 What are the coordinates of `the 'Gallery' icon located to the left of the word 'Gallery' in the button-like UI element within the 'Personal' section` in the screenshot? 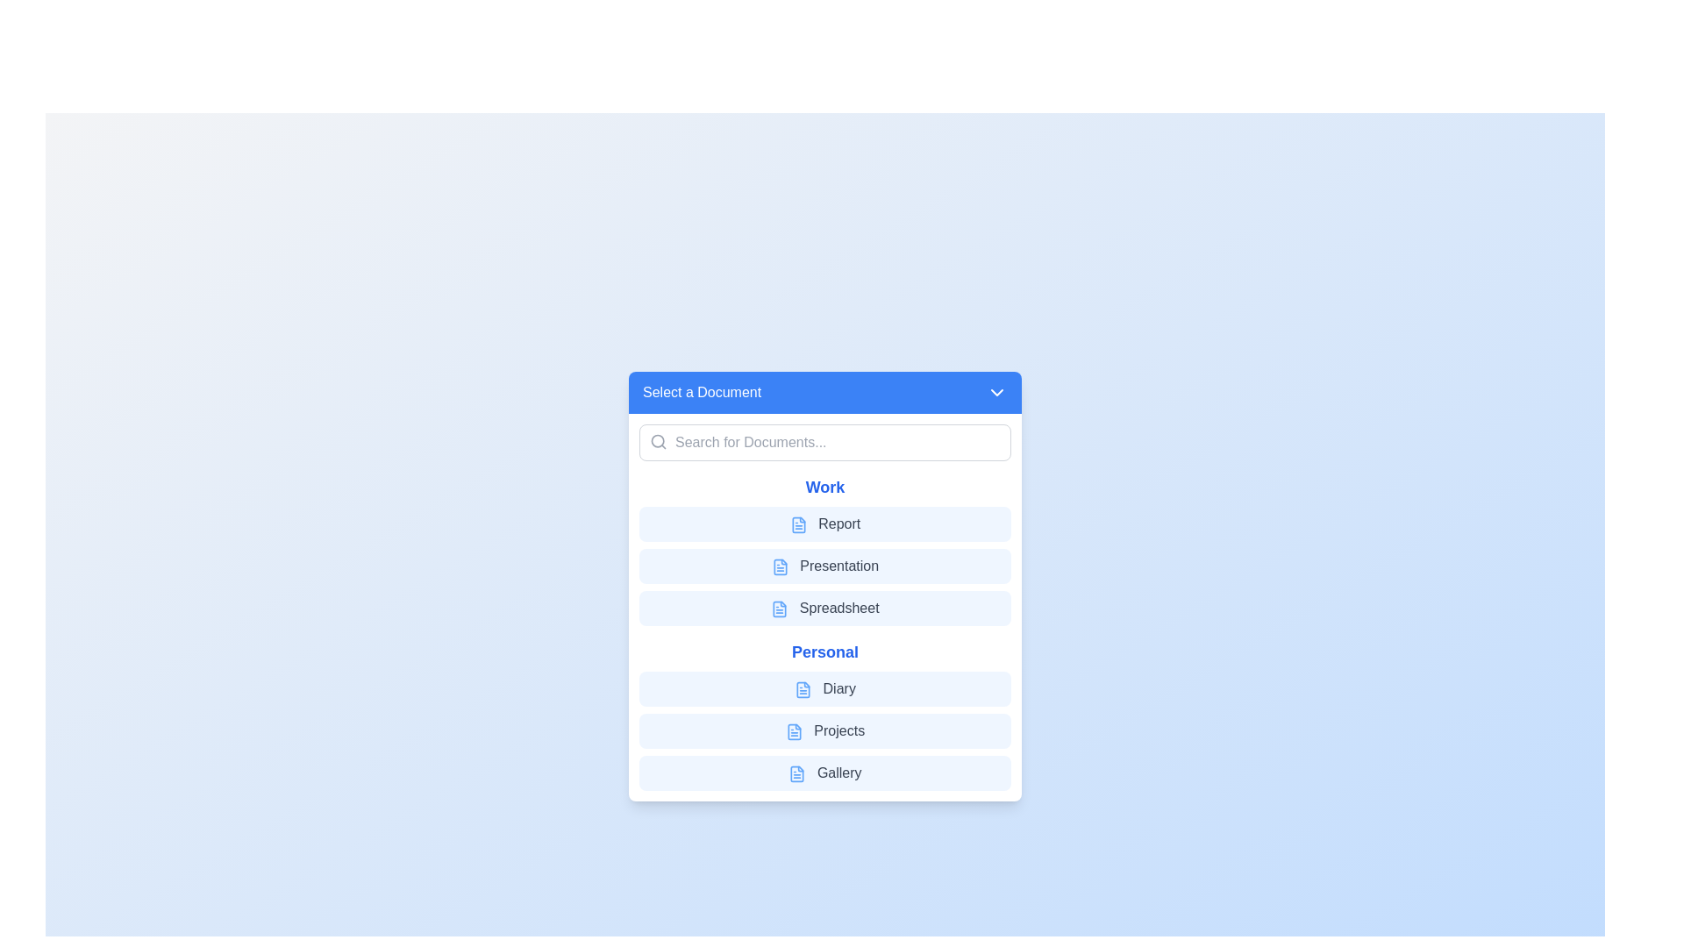 It's located at (796, 773).